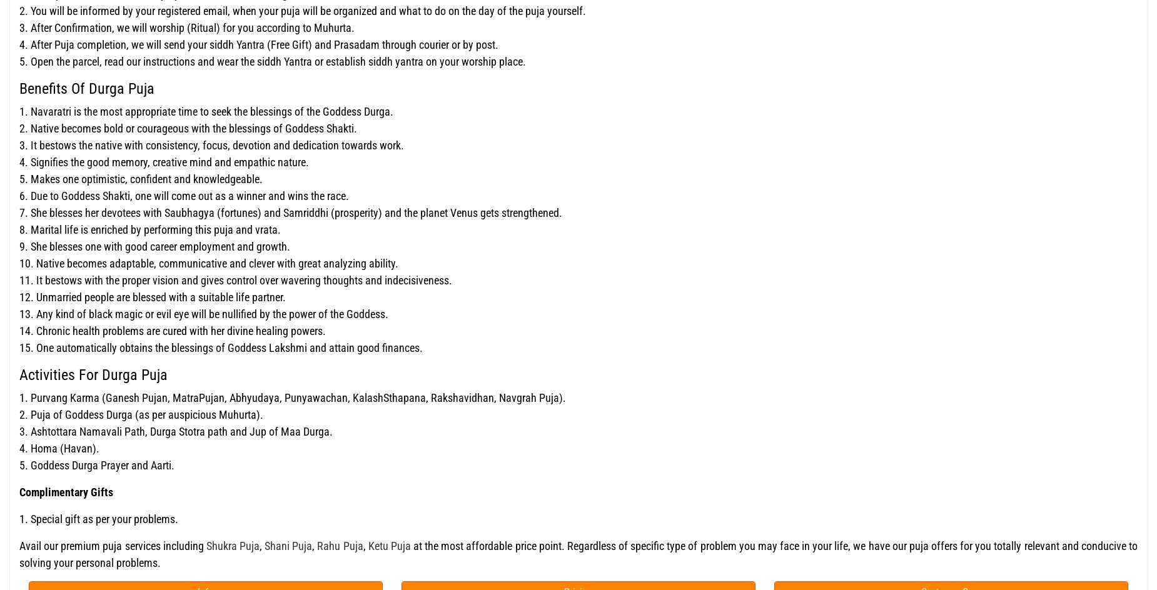 The width and height of the screenshot is (1157, 590). Describe the element at coordinates (175, 430) in the screenshot. I see `'3. Ashtottara Namavali Path, Durga Stotra path and Jup of Maa Durga.'` at that location.